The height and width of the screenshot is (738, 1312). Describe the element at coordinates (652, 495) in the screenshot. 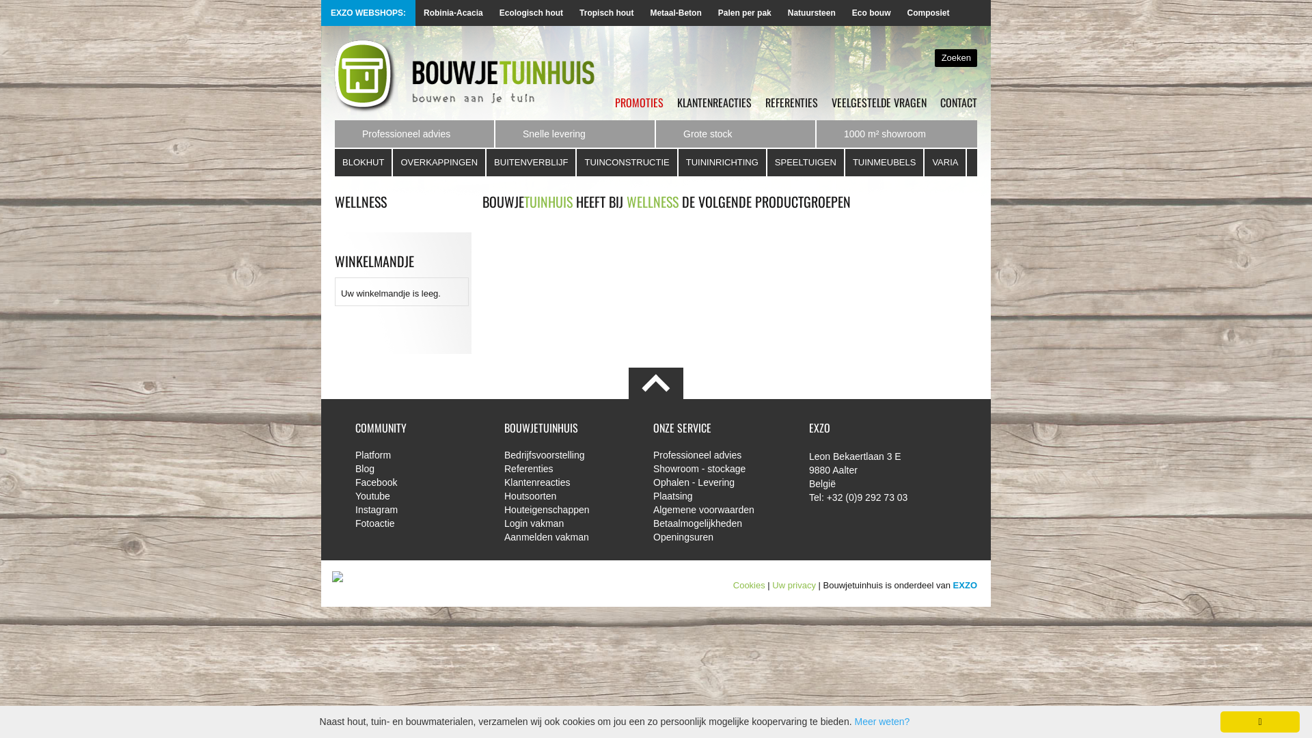

I see `'Plaatsing'` at that location.